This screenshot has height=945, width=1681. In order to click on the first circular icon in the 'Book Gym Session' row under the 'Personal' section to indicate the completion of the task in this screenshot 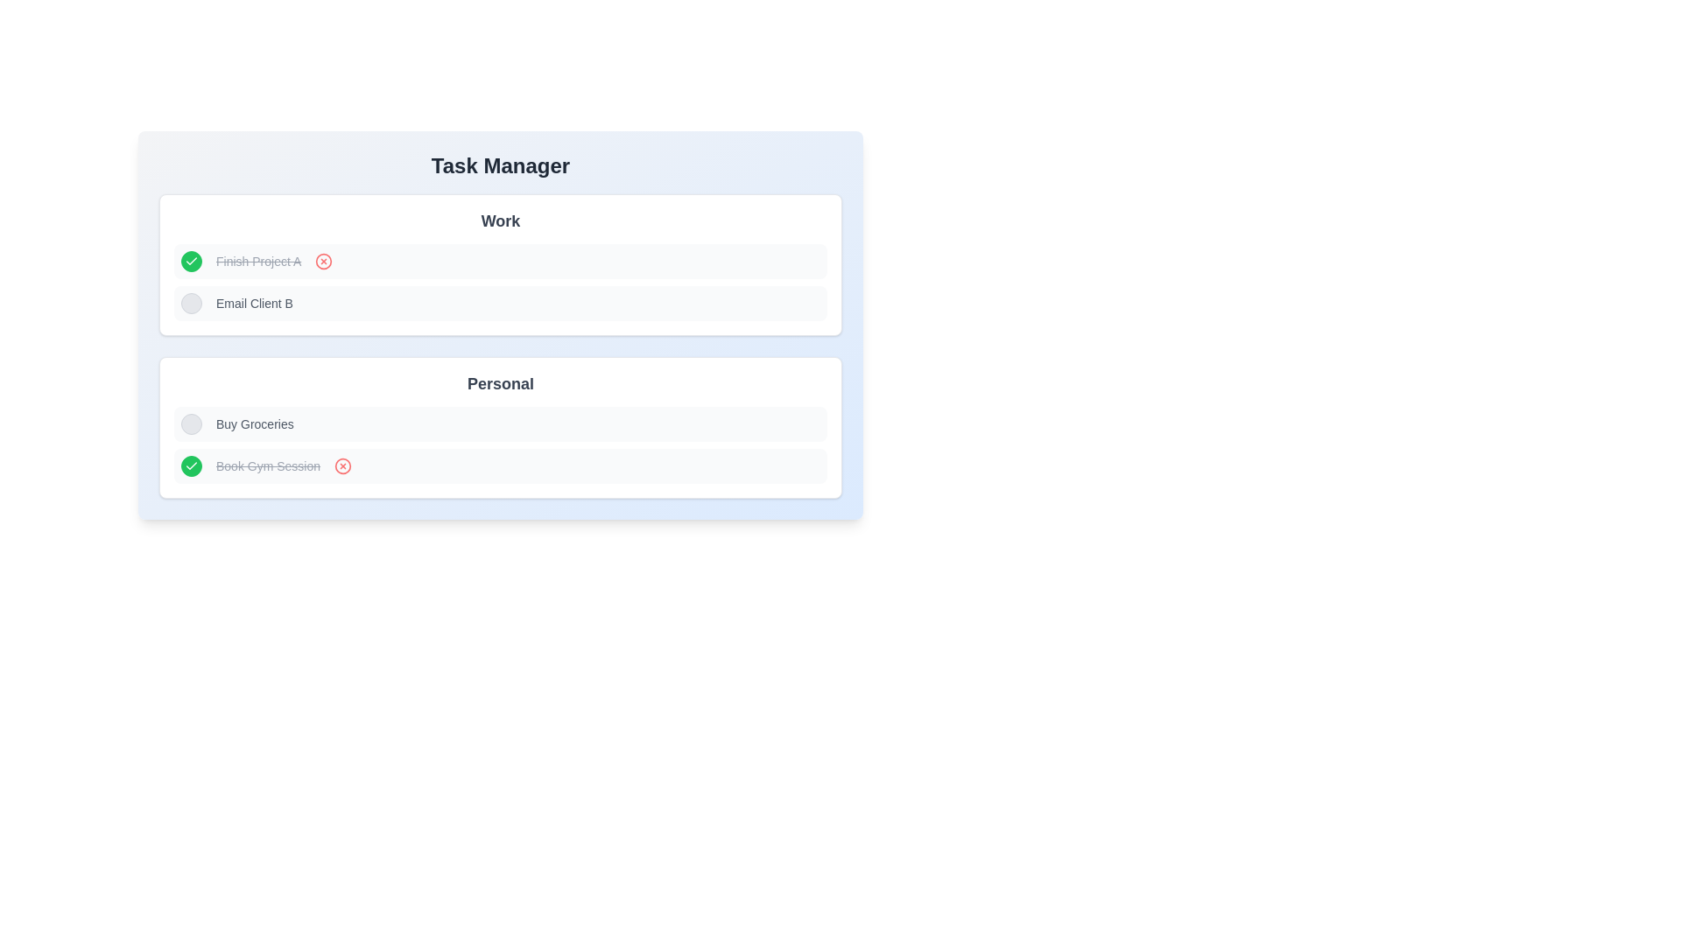, I will do `click(192, 465)`.